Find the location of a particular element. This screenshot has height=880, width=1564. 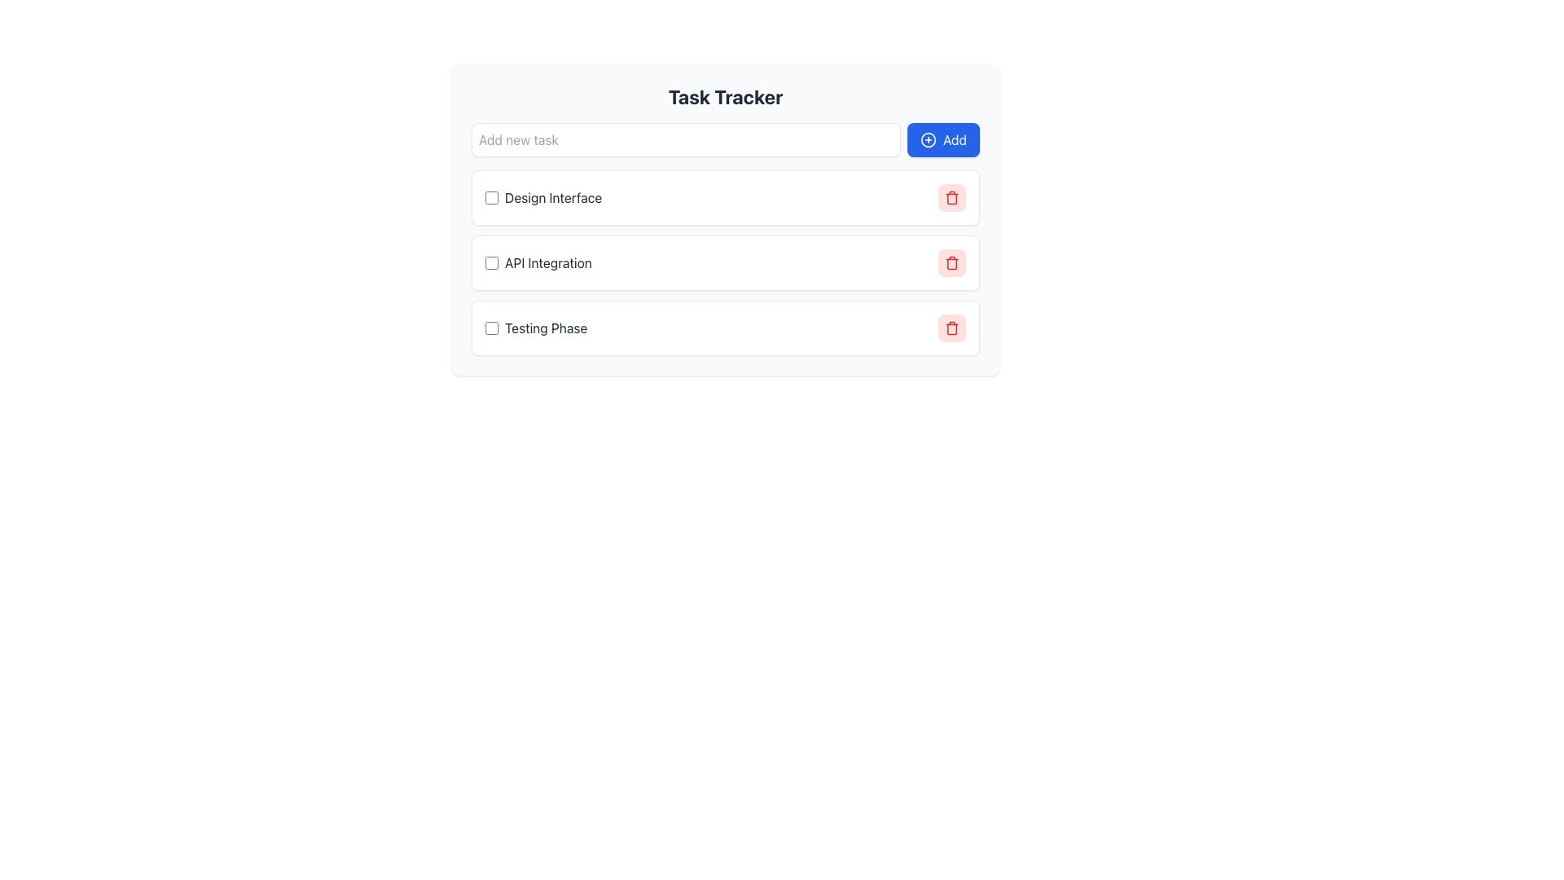

the checkbox located to the left of the text 'API Integration' is located at coordinates (491, 262).